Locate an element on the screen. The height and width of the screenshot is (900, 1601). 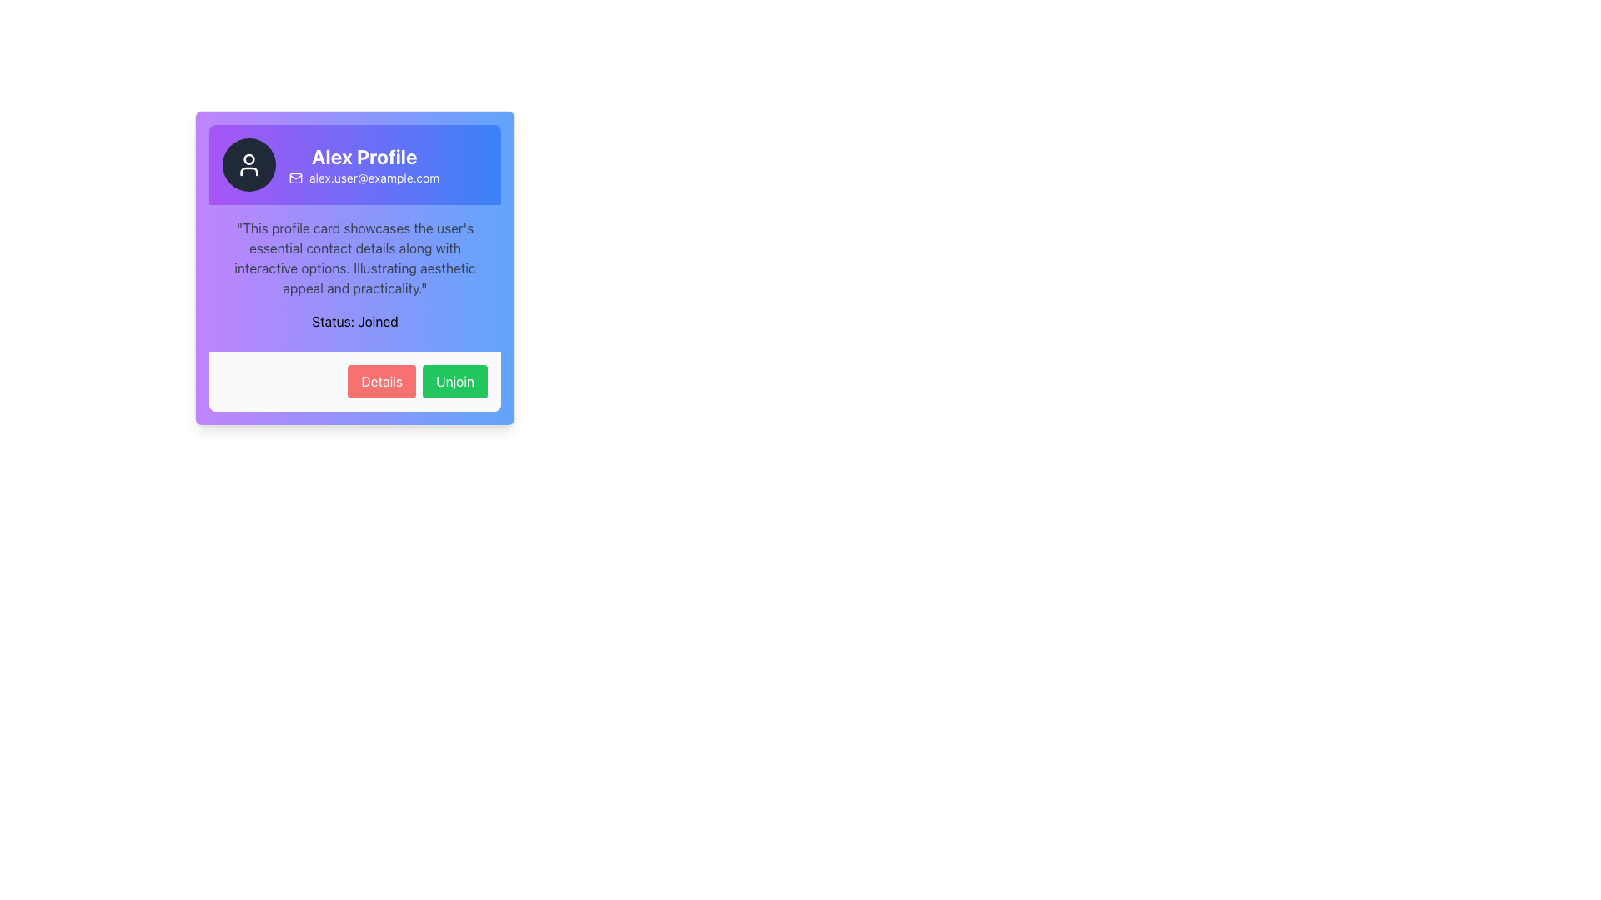
the text block displaying the message about the user's essential contact details, which is styled in gray and set against a purple and blue gradient background is located at coordinates (354, 257).